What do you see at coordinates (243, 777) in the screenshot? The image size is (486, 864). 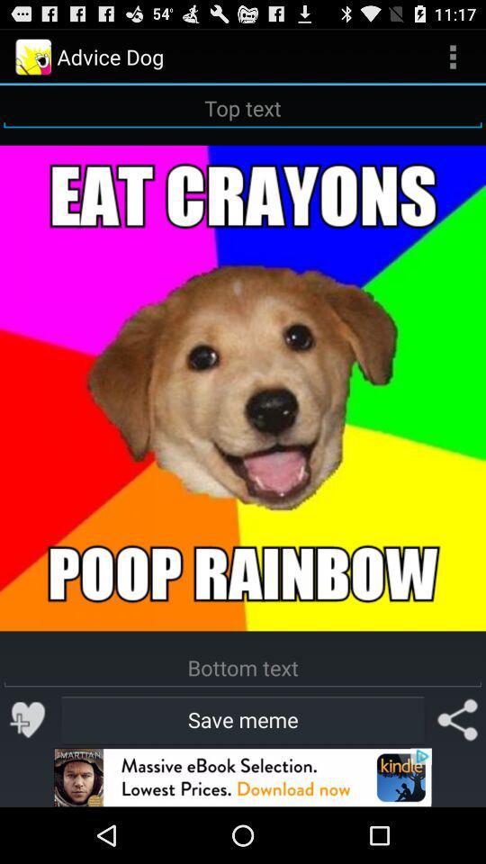 I see `advertisement image` at bounding box center [243, 777].